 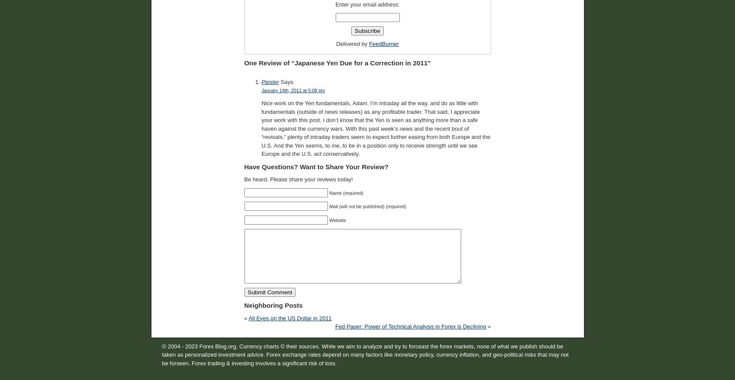 What do you see at coordinates (337, 62) in the screenshot?
I see `'One Review of “Japanese Yen Due for a Correction in 2011”'` at bounding box center [337, 62].